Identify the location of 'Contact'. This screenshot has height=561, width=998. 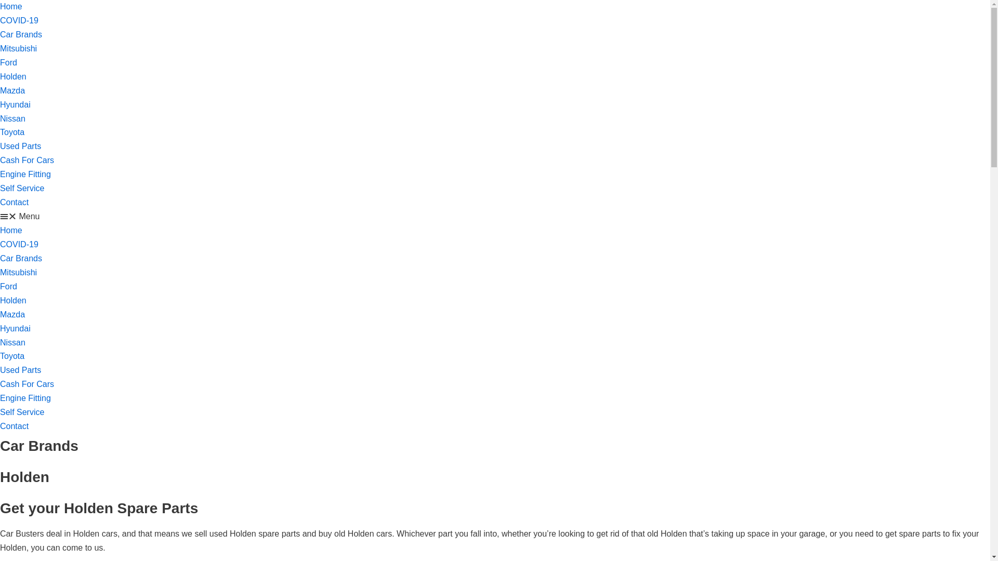
(14, 202).